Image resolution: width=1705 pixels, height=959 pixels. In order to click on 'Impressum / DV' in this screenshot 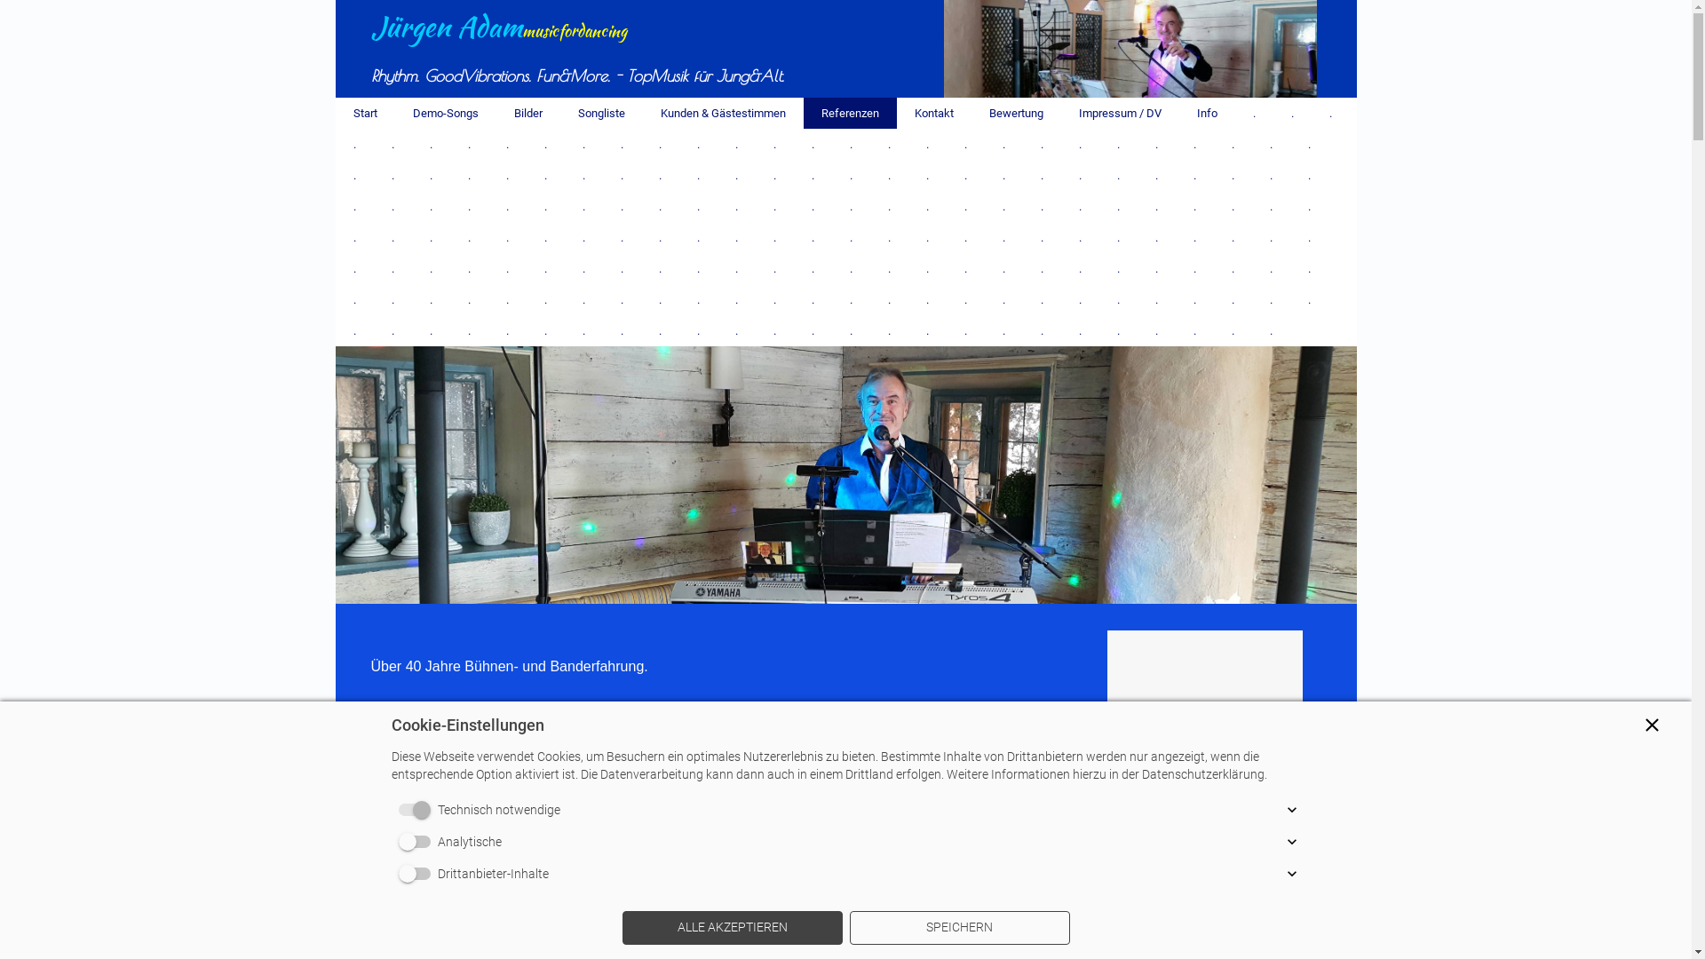, I will do `click(1118, 113)`.